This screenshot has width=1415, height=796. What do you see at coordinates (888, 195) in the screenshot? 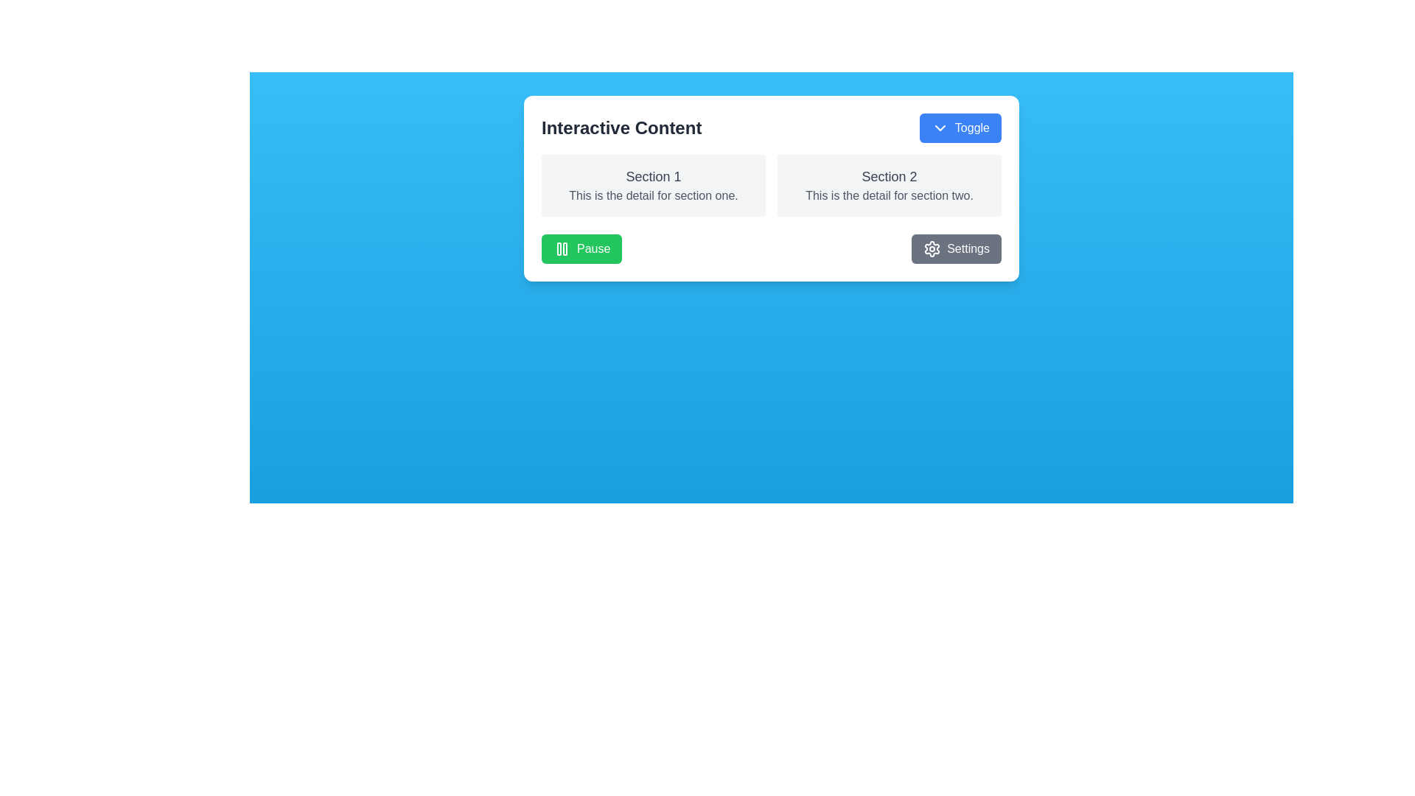
I see `the descriptive text element that reads 'This is the detail for section two.', which is styled with a gray font and positioned beneath the label 'Section 2'` at bounding box center [888, 195].